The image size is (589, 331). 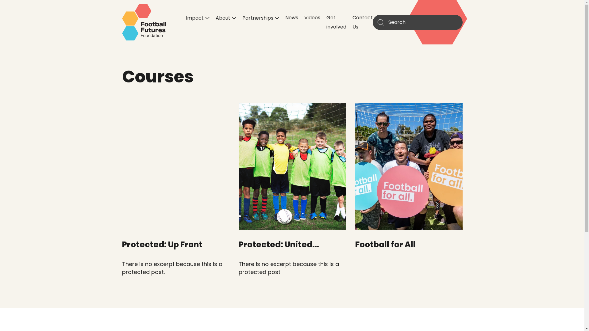 What do you see at coordinates (291, 17) in the screenshot?
I see `'News'` at bounding box center [291, 17].